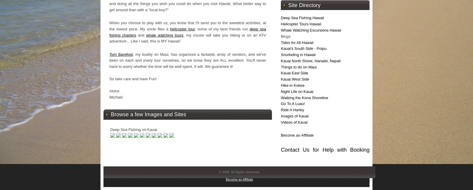 The width and height of the screenshot is (473, 190). Describe the element at coordinates (301, 24) in the screenshot. I see `'Helicopter Tours Hawaii'` at that location.